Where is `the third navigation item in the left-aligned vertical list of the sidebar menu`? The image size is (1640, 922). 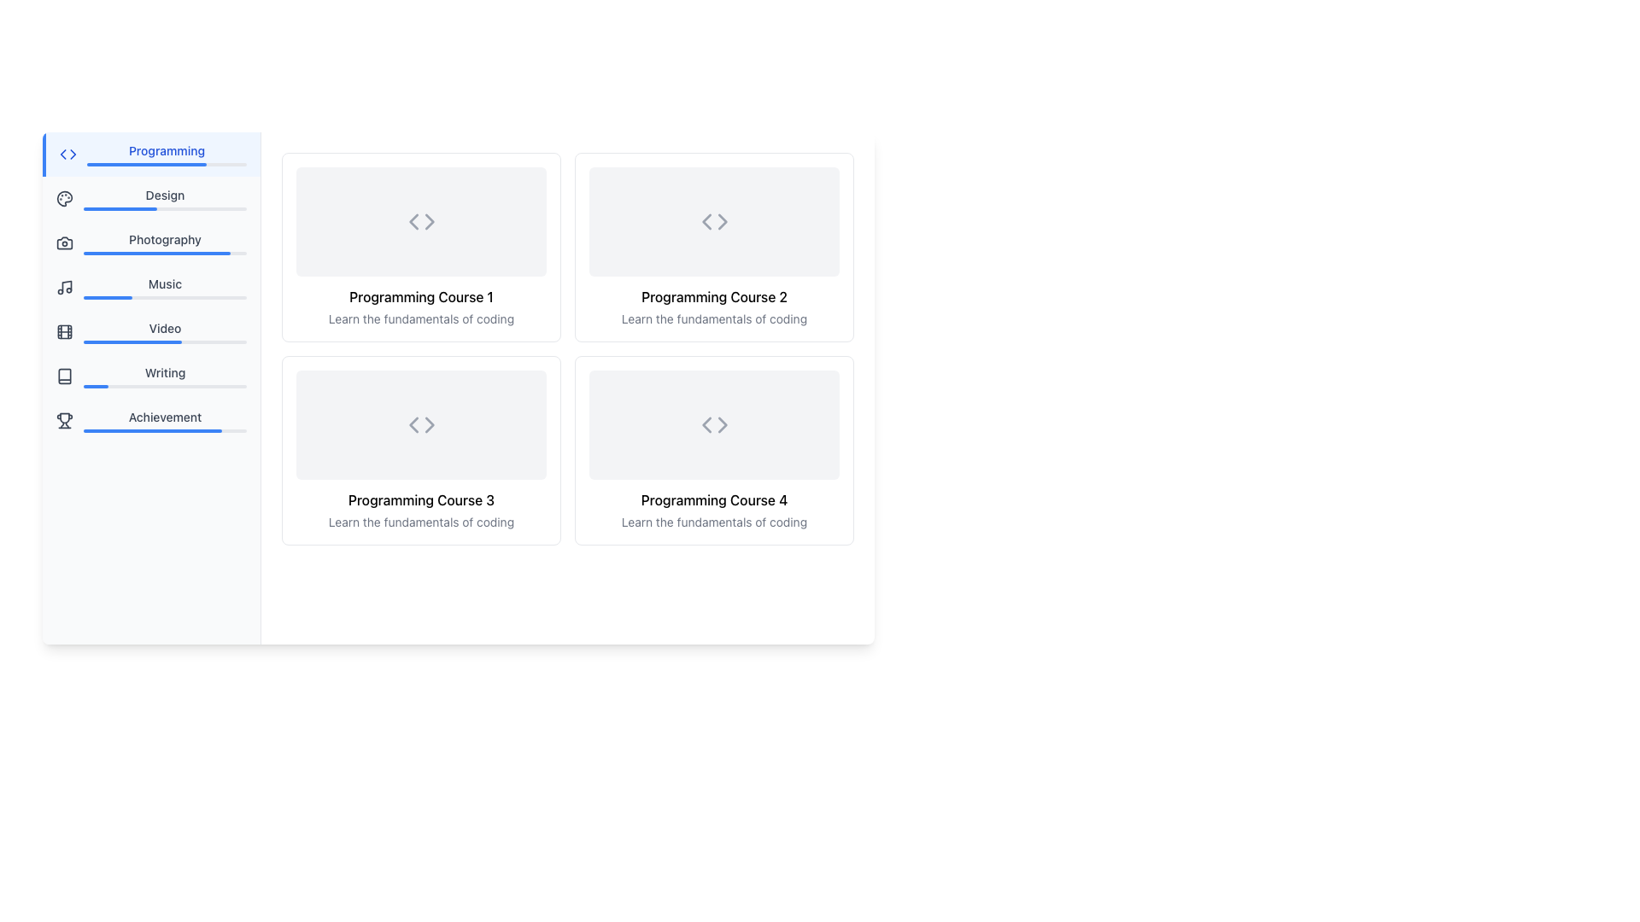
the third navigation item in the left-aligned vertical list of the sidebar menu is located at coordinates (151, 243).